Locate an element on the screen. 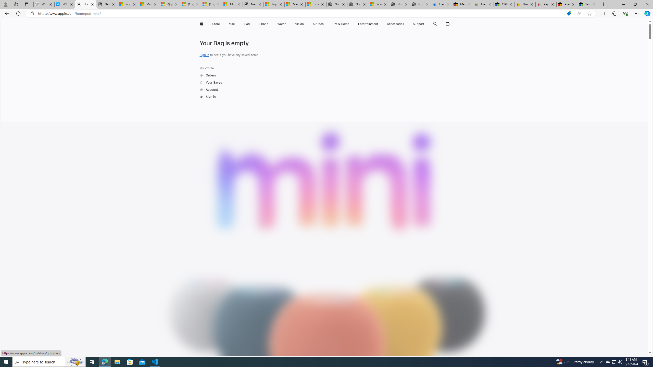  'Watch menu' is located at coordinates (287, 24).